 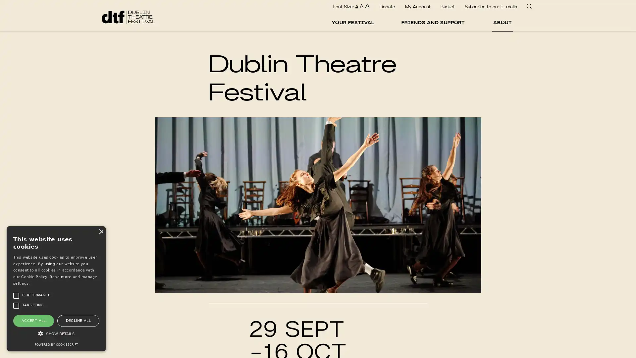 I want to click on ACCEPT ALL, so click(x=33, y=320).